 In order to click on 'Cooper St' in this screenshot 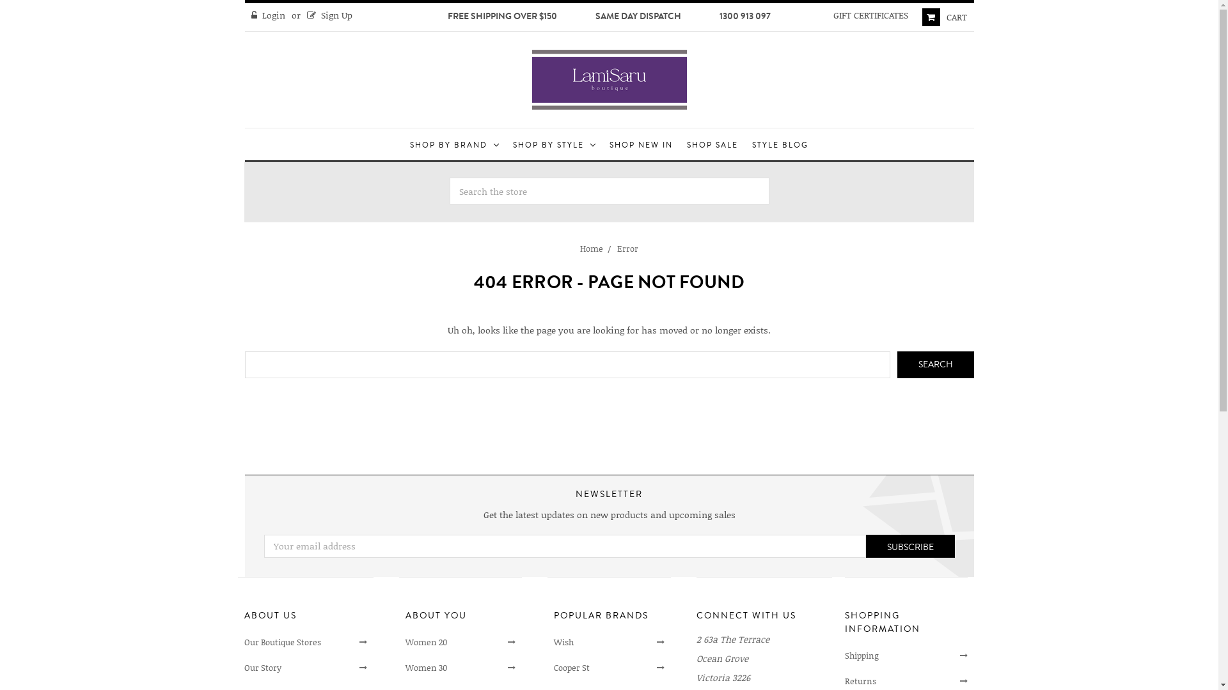, I will do `click(553, 667)`.